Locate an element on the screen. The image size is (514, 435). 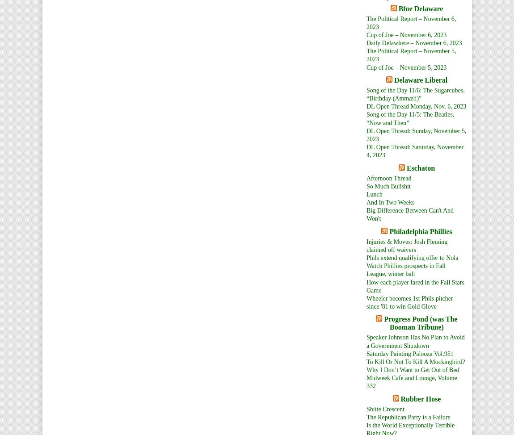
'To Kill Or Not To Kill A Mockingbird?' is located at coordinates (416, 361).